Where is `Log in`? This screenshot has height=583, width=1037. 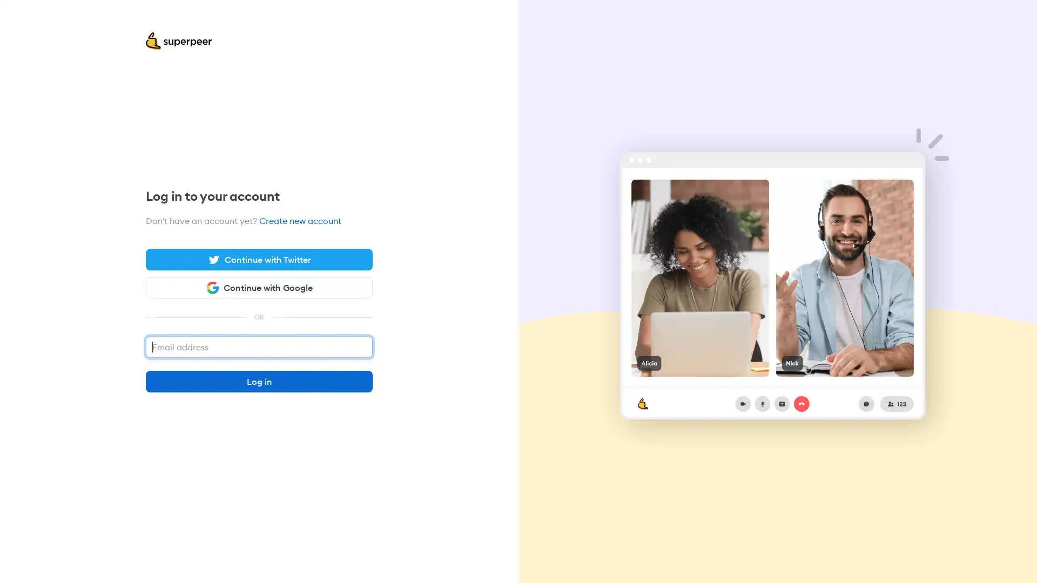 Log in is located at coordinates (259, 381).